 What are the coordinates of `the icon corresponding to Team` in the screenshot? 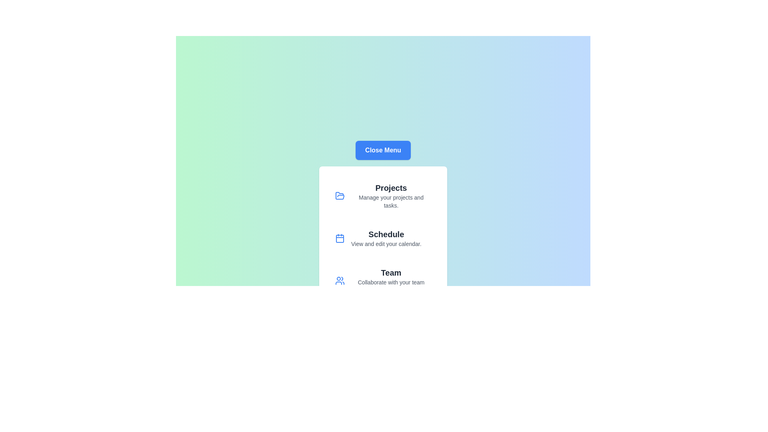 It's located at (340, 280).